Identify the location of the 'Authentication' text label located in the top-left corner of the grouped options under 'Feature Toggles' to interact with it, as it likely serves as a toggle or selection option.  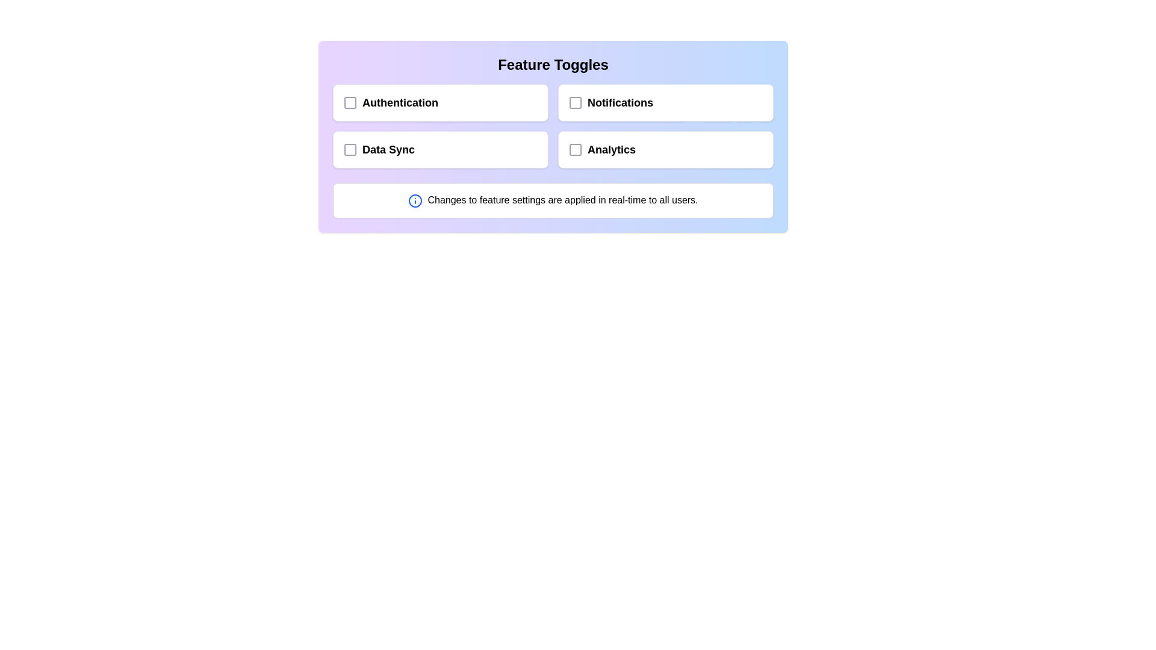
(390, 102).